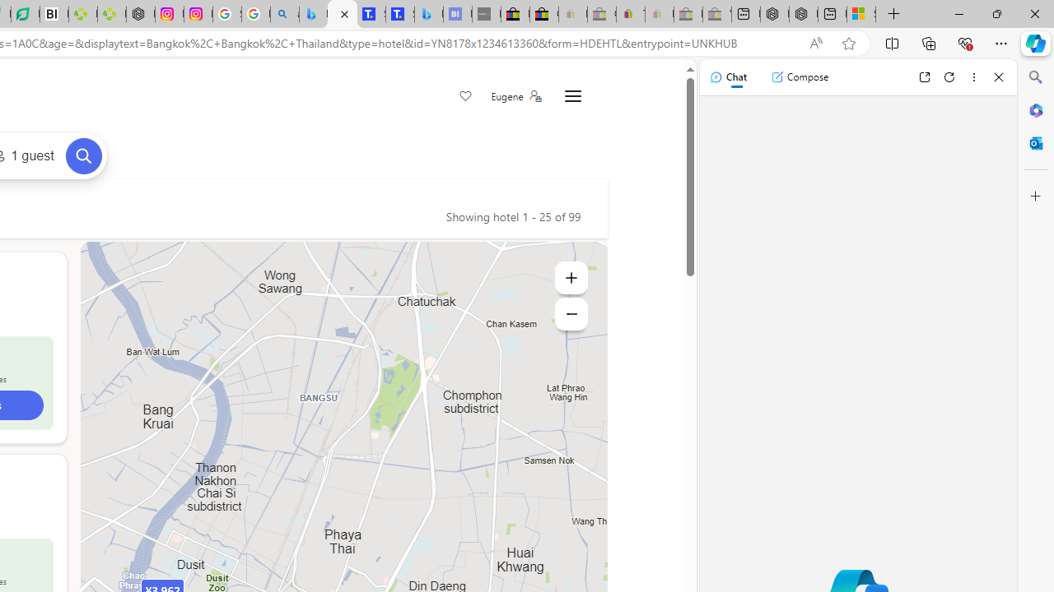 The height and width of the screenshot is (592, 1054). Describe the element at coordinates (26, 14) in the screenshot. I see `'LendingTree - Compare Lenders'` at that location.